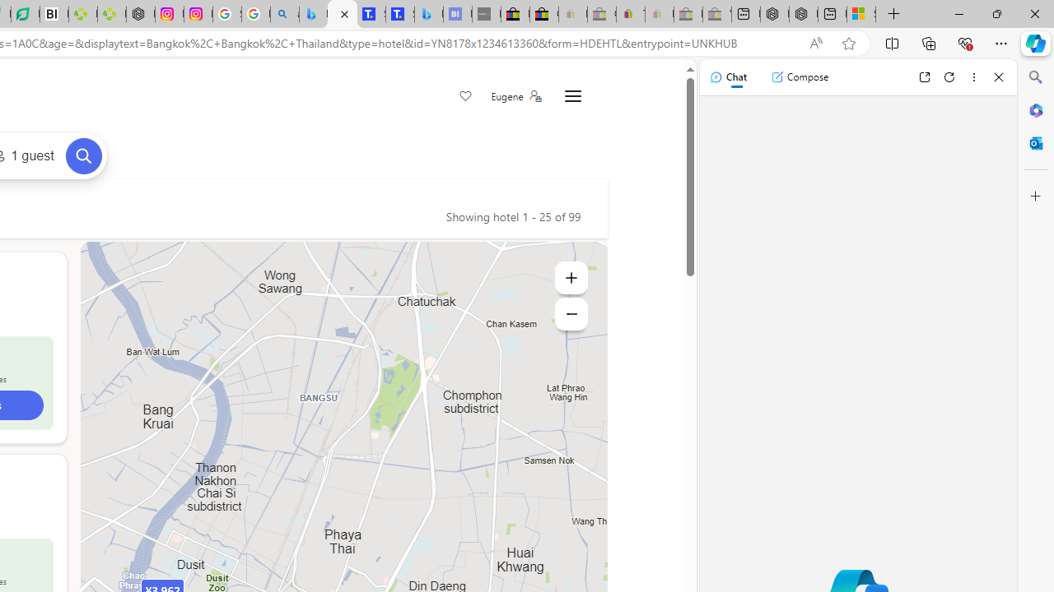 The height and width of the screenshot is (592, 1054). Describe the element at coordinates (26, 14) in the screenshot. I see `'LendingTree - Compare Lenders'` at that location.